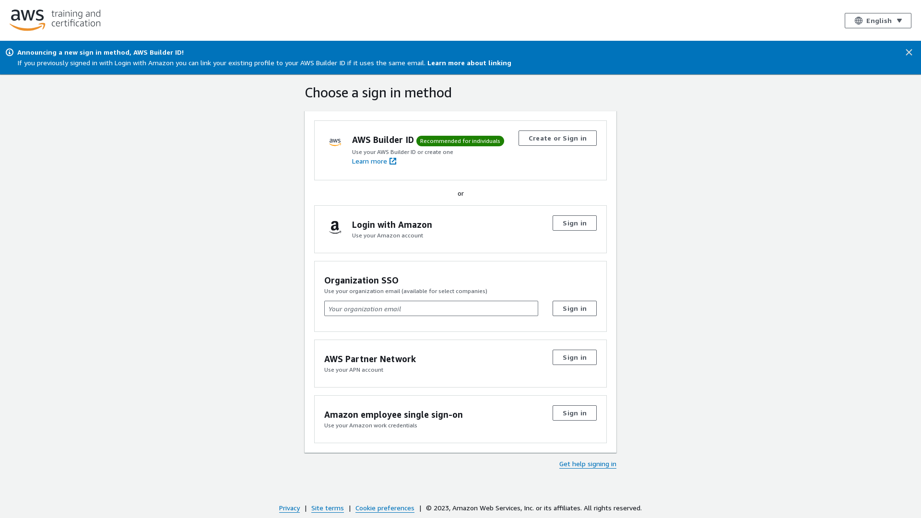 This screenshot has width=921, height=518. Describe the element at coordinates (469, 62) in the screenshot. I see `'Learn more about linking'` at that location.